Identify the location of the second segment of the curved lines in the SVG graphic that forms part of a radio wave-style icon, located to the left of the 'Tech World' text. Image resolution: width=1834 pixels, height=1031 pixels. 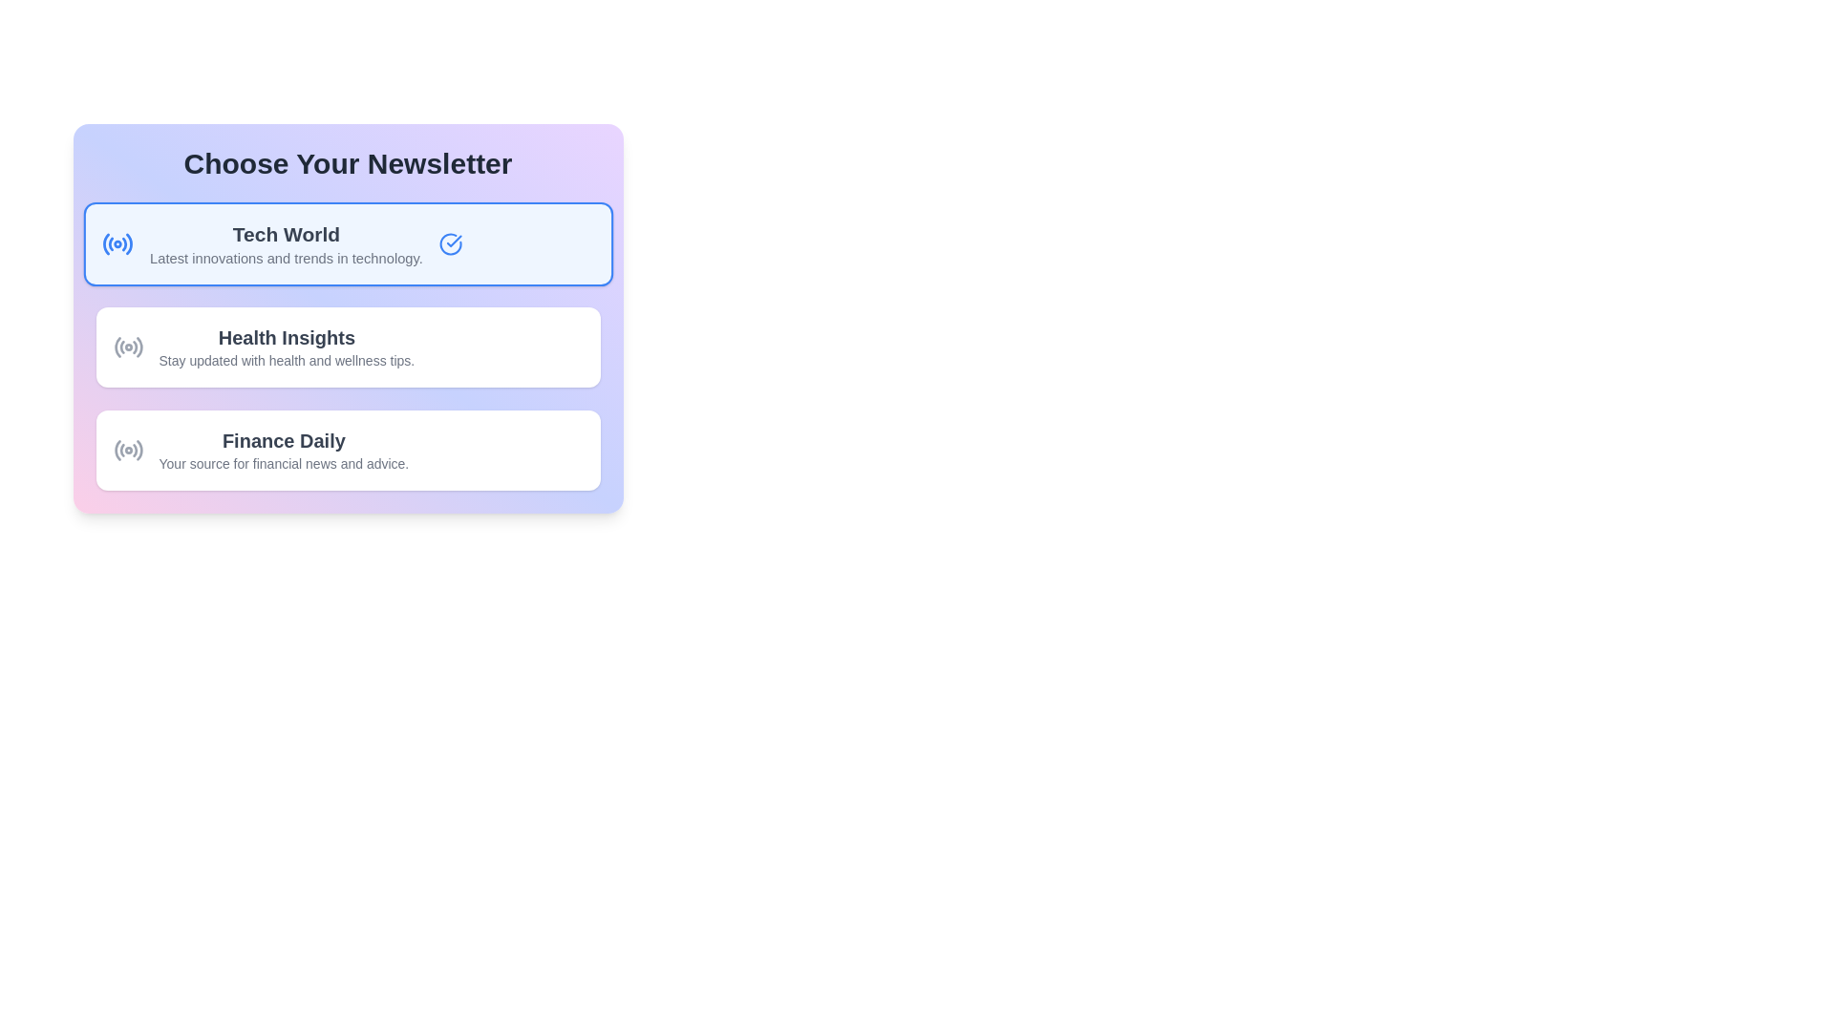
(109, 242).